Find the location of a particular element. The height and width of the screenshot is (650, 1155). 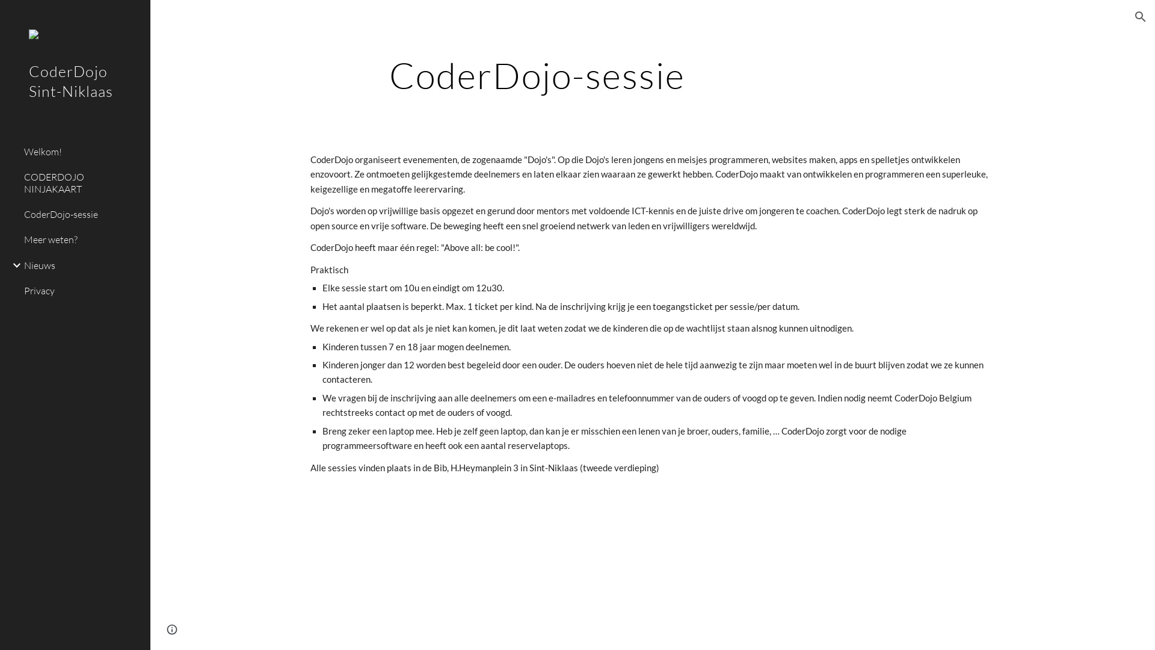

'CoderDojo-sessie' is located at coordinates (82, 213).